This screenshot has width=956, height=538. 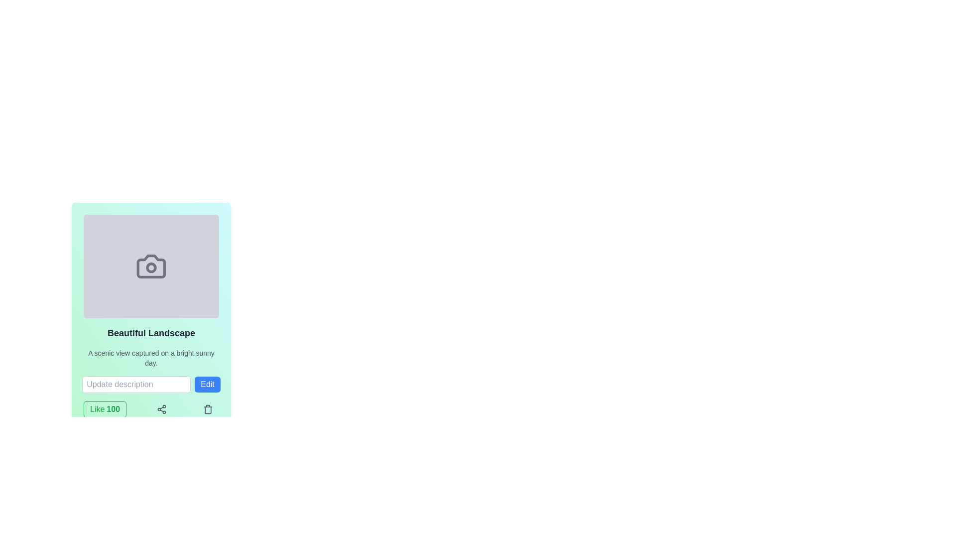 I want to click on the small circle resembling a lens located in the center of the camera icon within the rectangular area of the card titled 'Beautiful Landscape', so click(x=150, y=267).